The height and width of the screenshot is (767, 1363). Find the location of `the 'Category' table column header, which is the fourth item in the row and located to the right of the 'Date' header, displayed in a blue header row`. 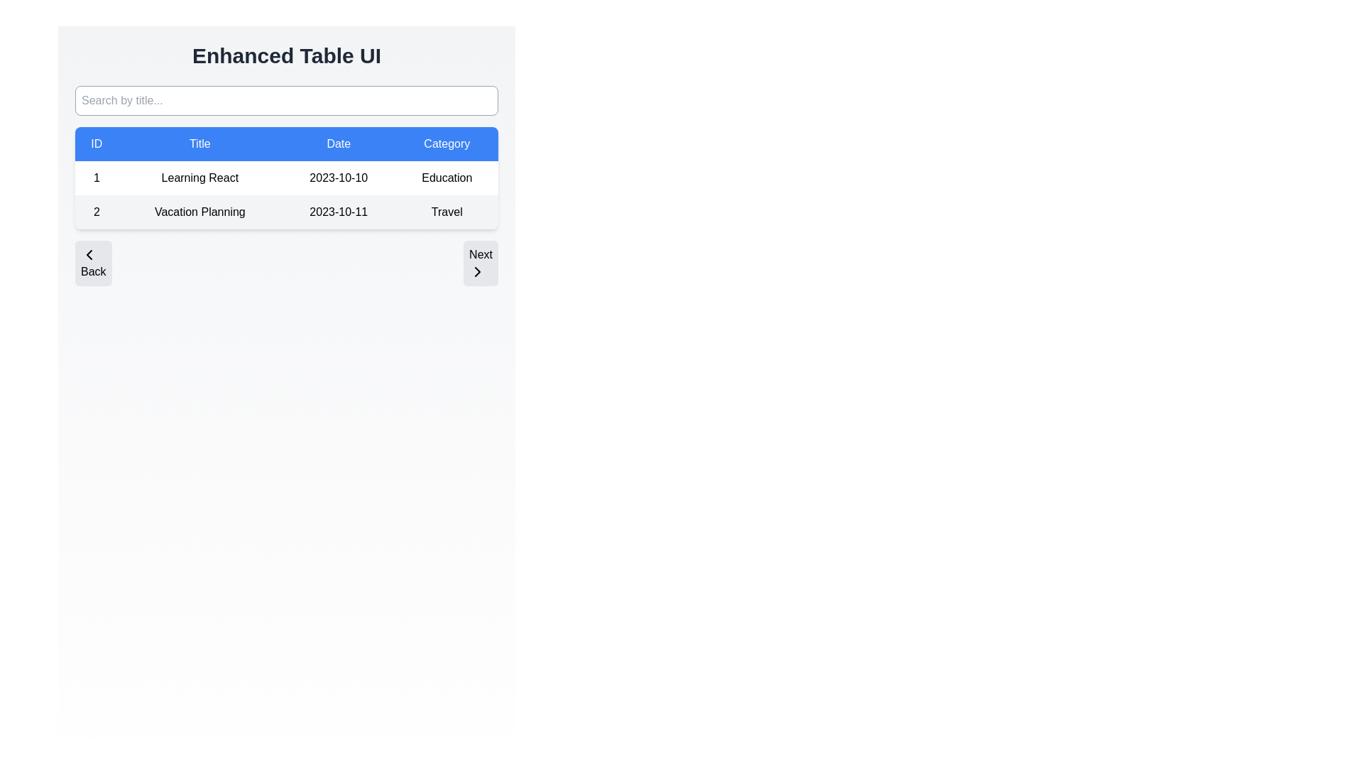

the 'Category' table column header, which is the fourth item in the row and located to the right of the 'Date' header, displayed in a blue header row is located at coordinates (446, 144).